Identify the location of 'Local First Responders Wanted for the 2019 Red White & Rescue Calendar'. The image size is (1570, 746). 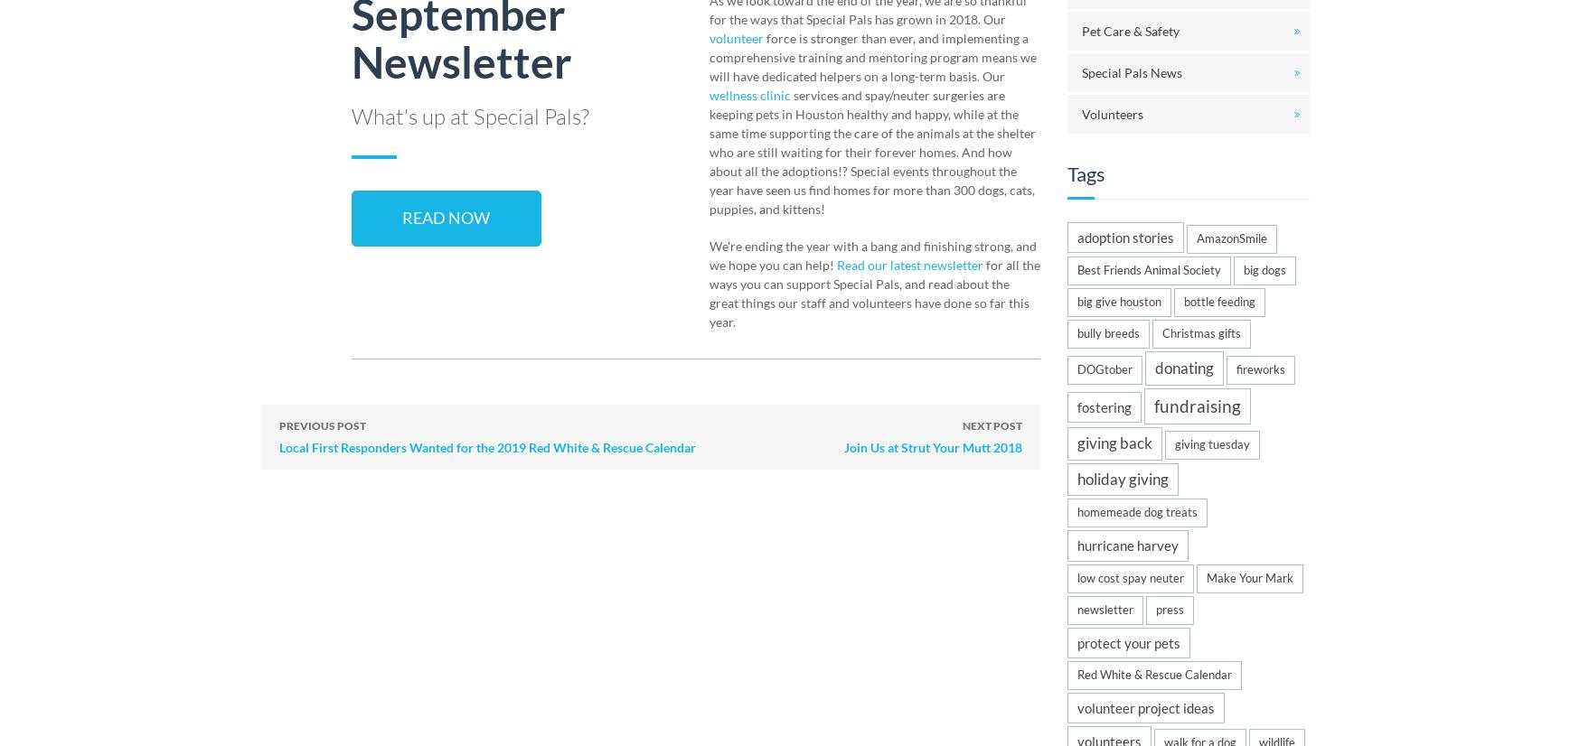
(485, 447).